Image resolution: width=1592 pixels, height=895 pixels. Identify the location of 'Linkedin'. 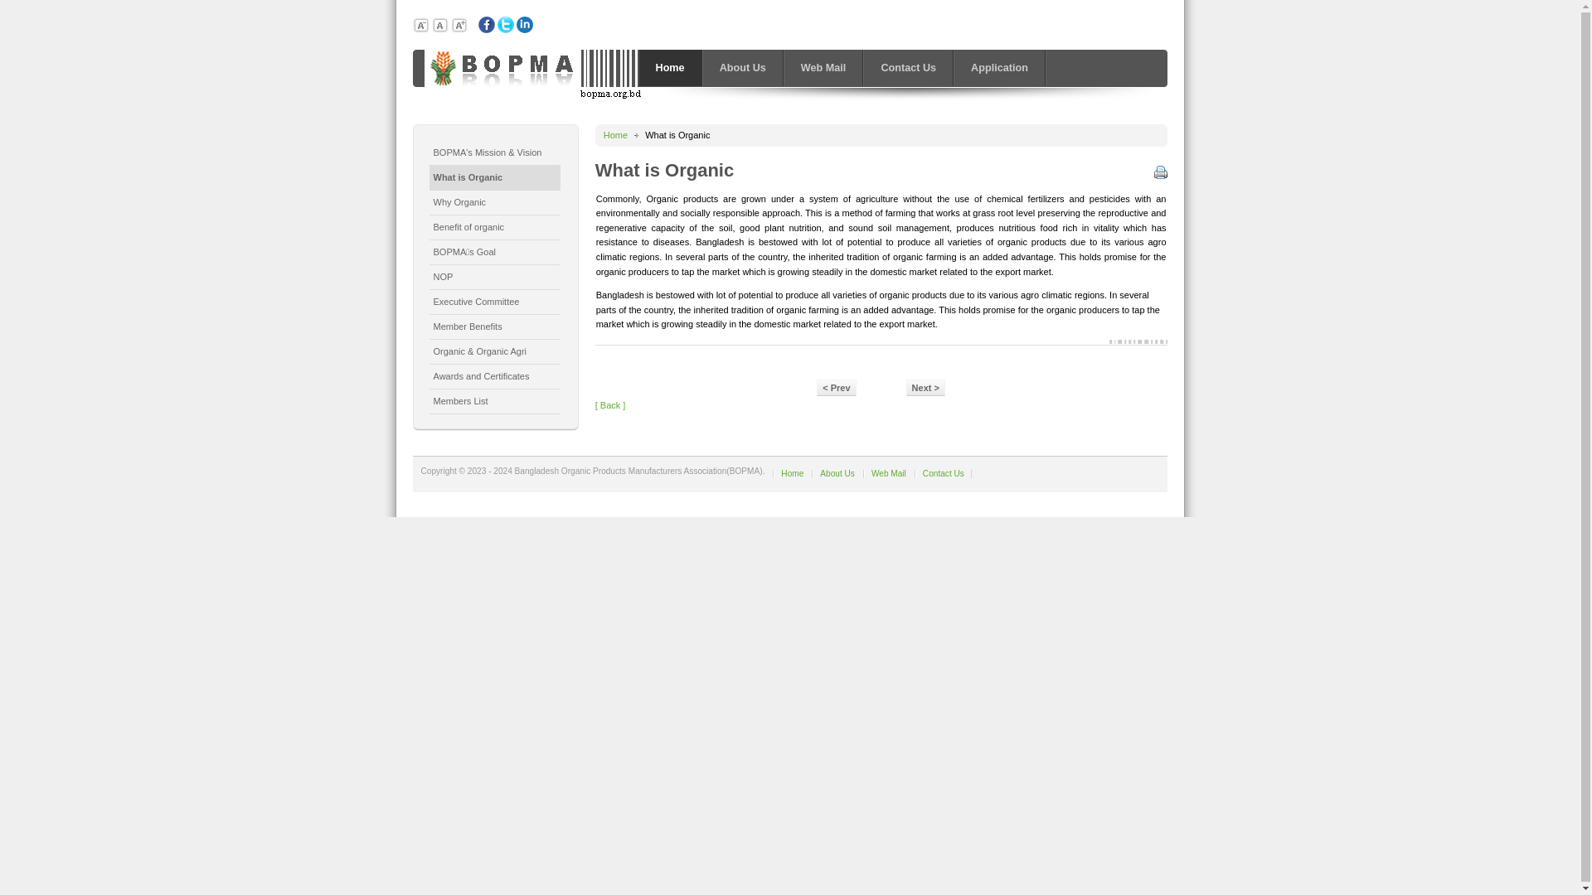
(524, 25).